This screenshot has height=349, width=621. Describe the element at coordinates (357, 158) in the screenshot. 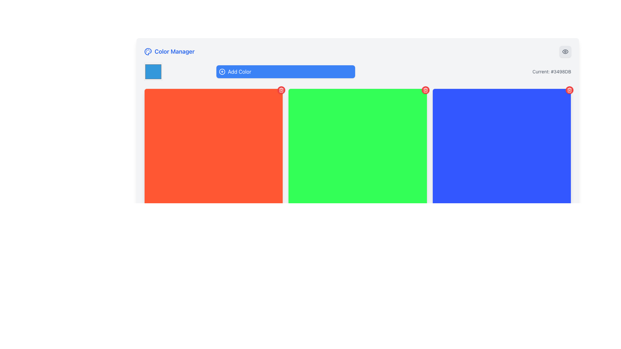

I see `the green square element with rounded corners located` at that location.